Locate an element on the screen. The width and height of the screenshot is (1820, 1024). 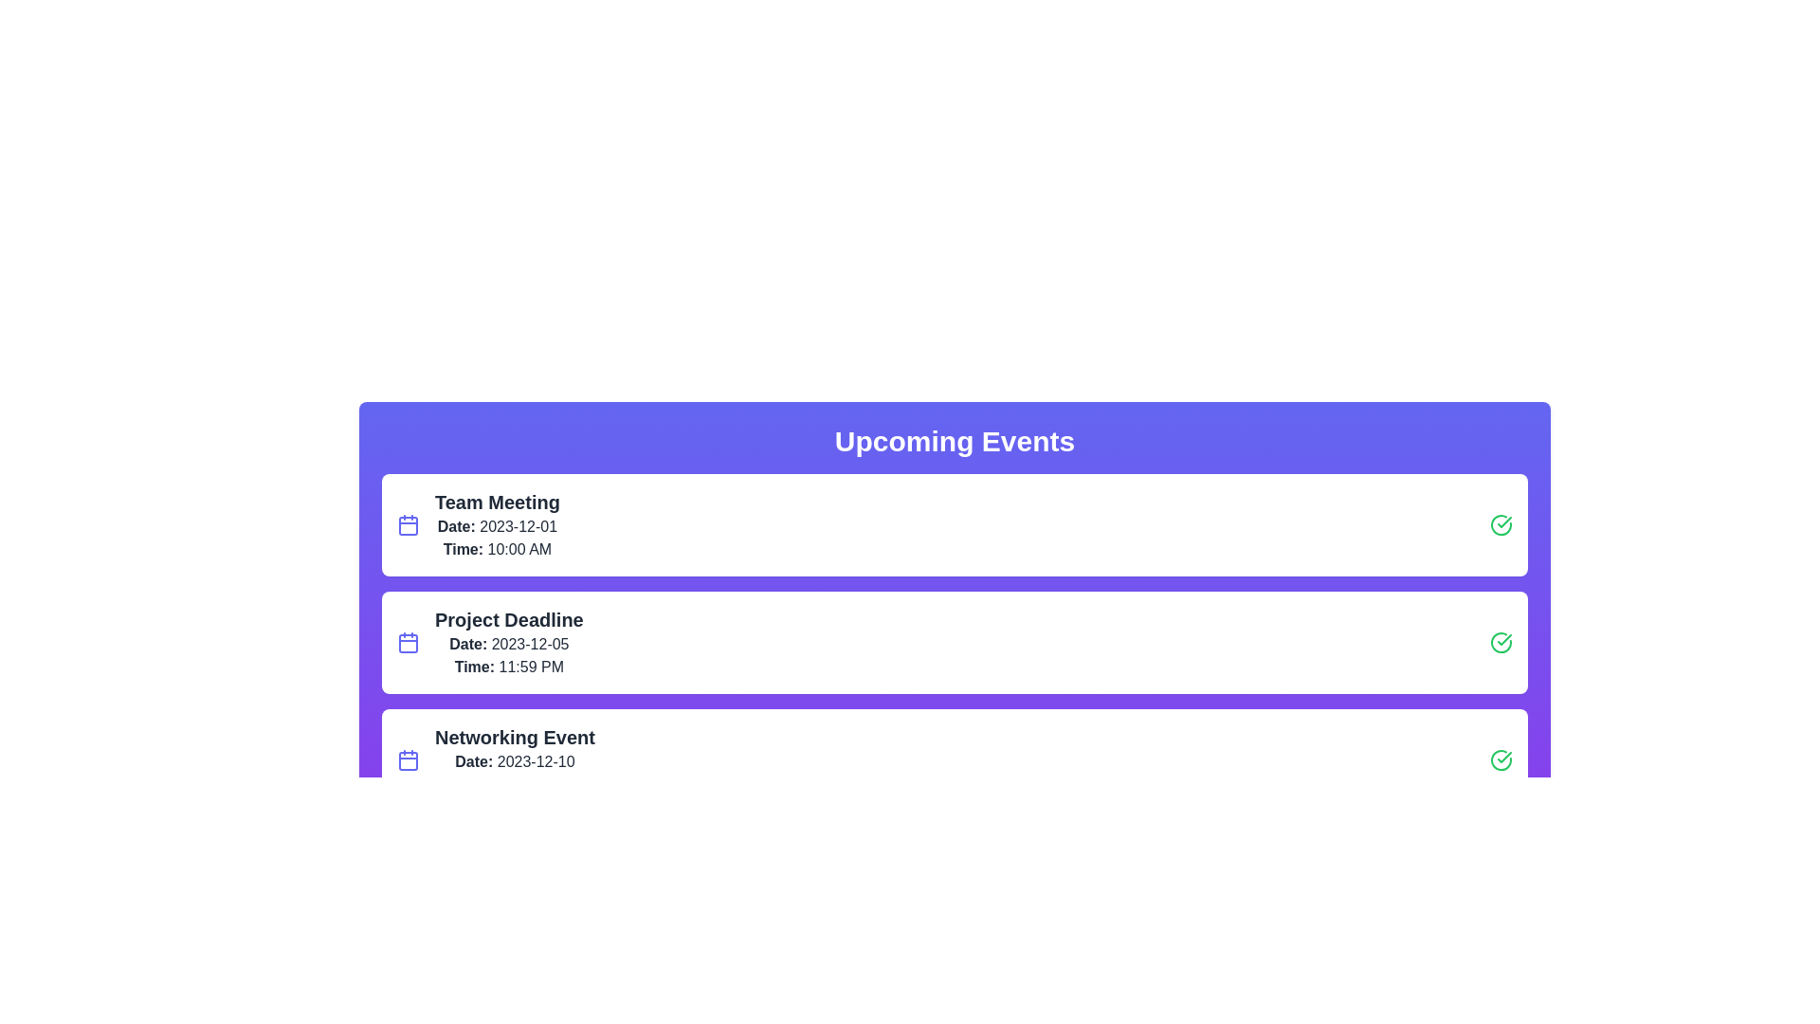
the text label indicating the time '11:59 PM' for the second event entry labeled 'Project Deadline' in the 'Upcoming Events' list is located at coordinates (474, 666).